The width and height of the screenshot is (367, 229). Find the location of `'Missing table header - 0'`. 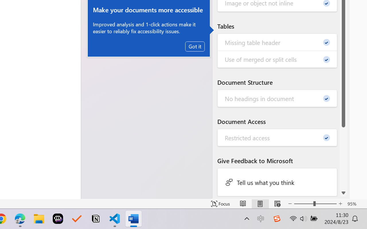

'Missing table header - 0' is located at coordinates (277, 42).